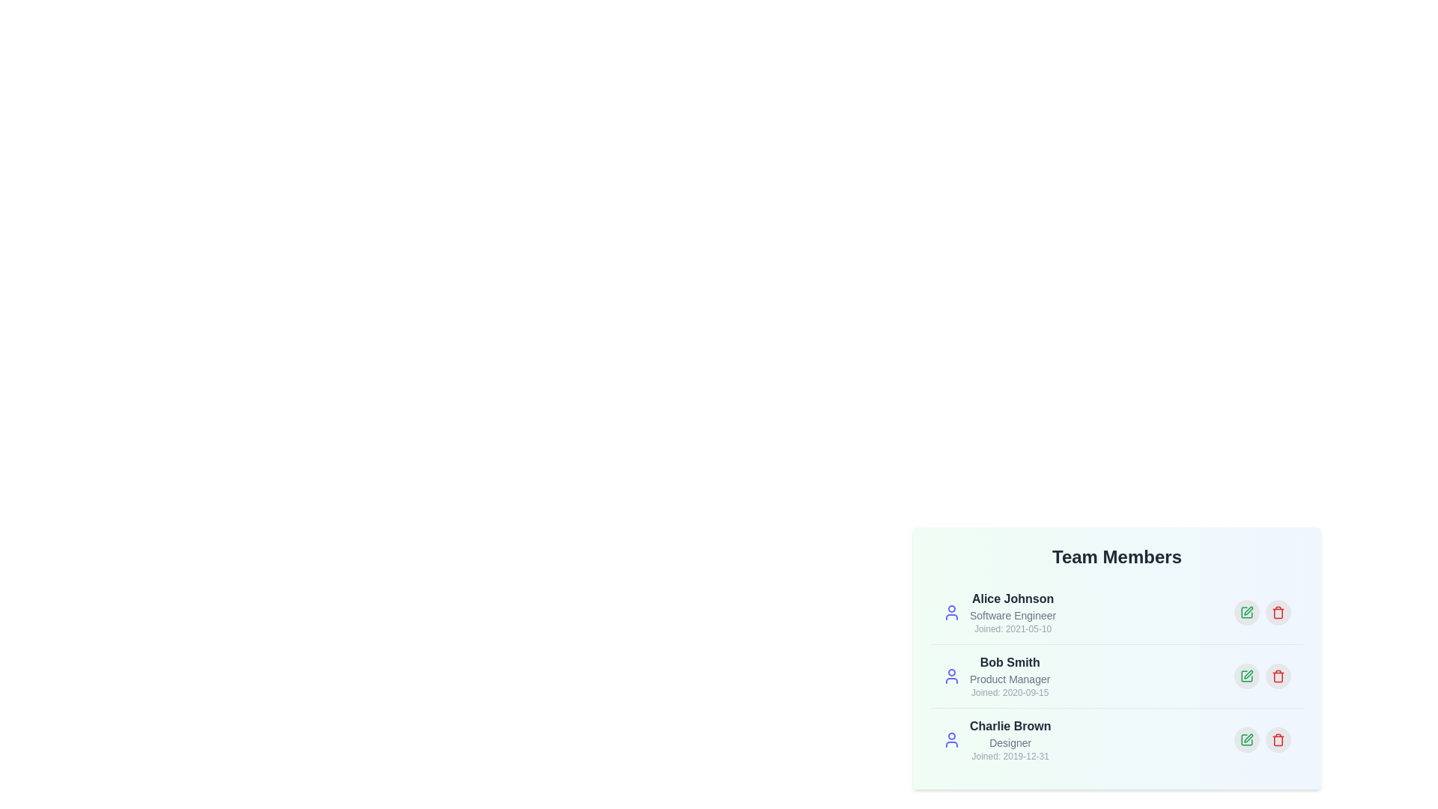 The height and width of the screenshot is (809, 1438). Describe the element at coordinates (951, 739) in the screenshot. I see `the user icon corresponding to Charlie Brown` at that location.